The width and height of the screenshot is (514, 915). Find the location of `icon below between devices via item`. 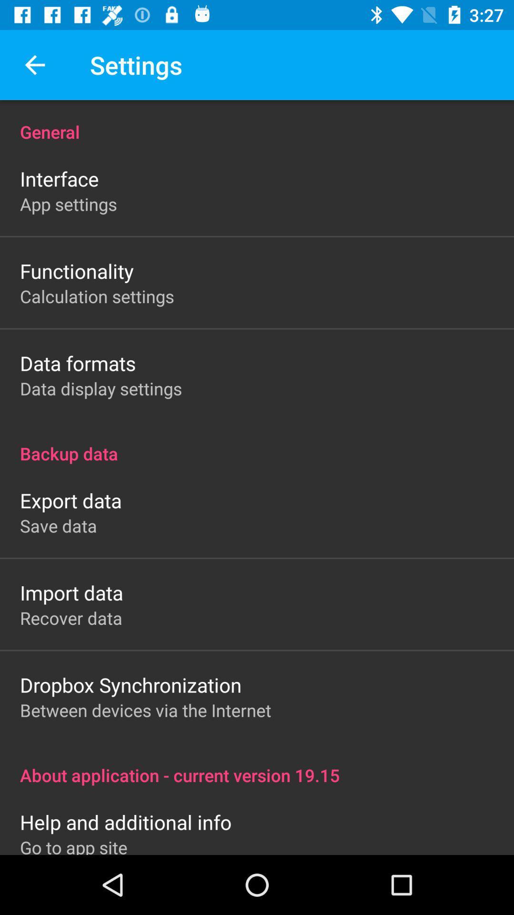

icon below between devices via item is located at coordinates (257, 765).